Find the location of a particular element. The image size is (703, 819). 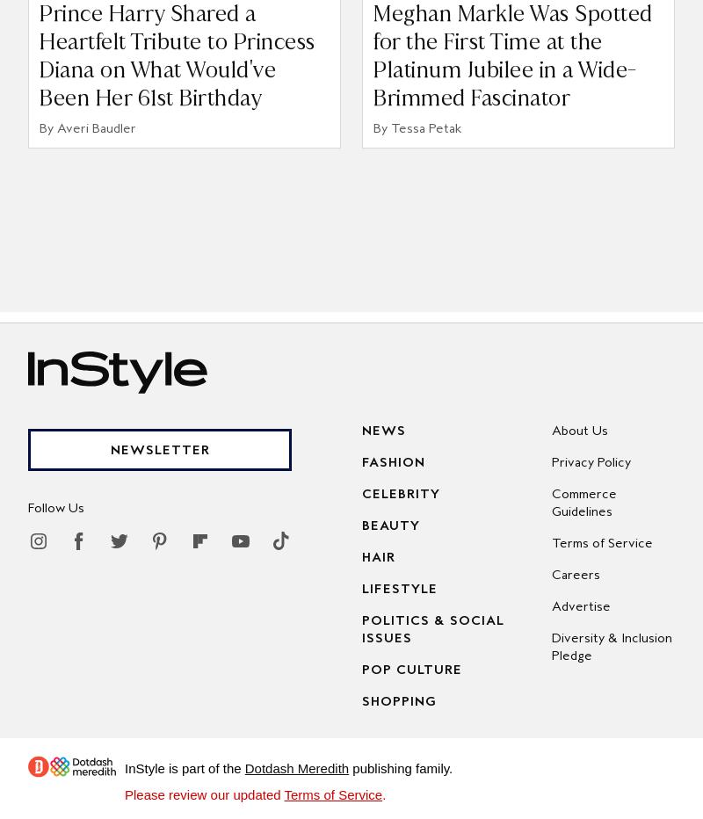

'Commerce Guidelines' is located at coordinates (550, 502).